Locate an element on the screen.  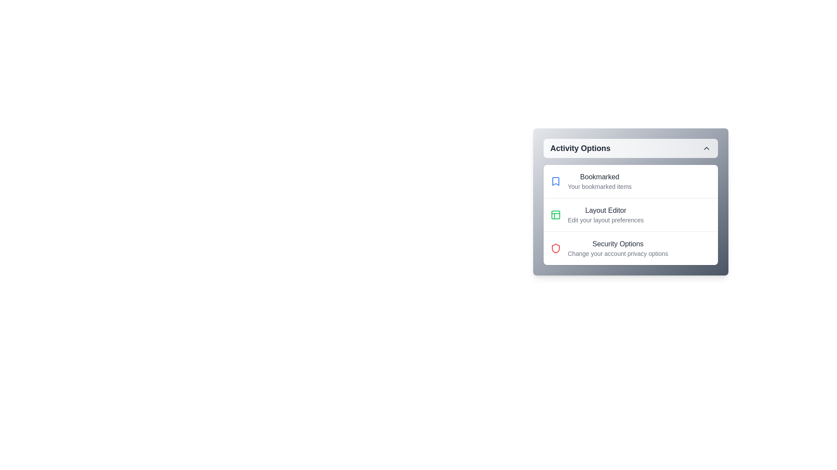
the instructional text labeled 'Your bookmarked items' which is styled in gray and positioned below the 'Bookmarked' text within the 'Activity Options' panel is located at coordinates (599, 186).